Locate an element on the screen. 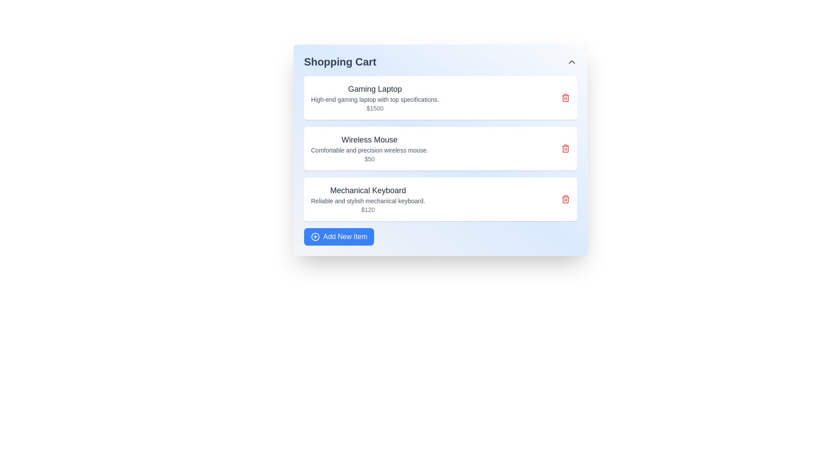 This screenshot has width=840, height=472. the button in the top-right corner of the 'Shopping Cart' section is located at coordinates (571, 62).